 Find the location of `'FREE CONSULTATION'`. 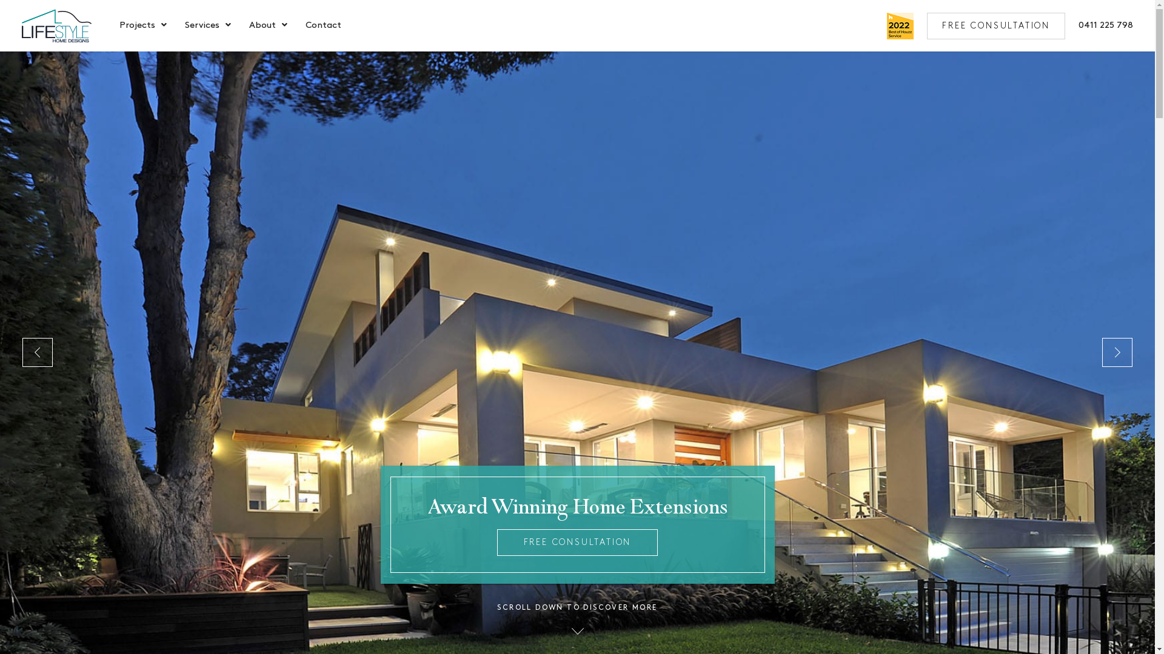

'FREE CONSULTATION' is located at coordinates (995, 25).